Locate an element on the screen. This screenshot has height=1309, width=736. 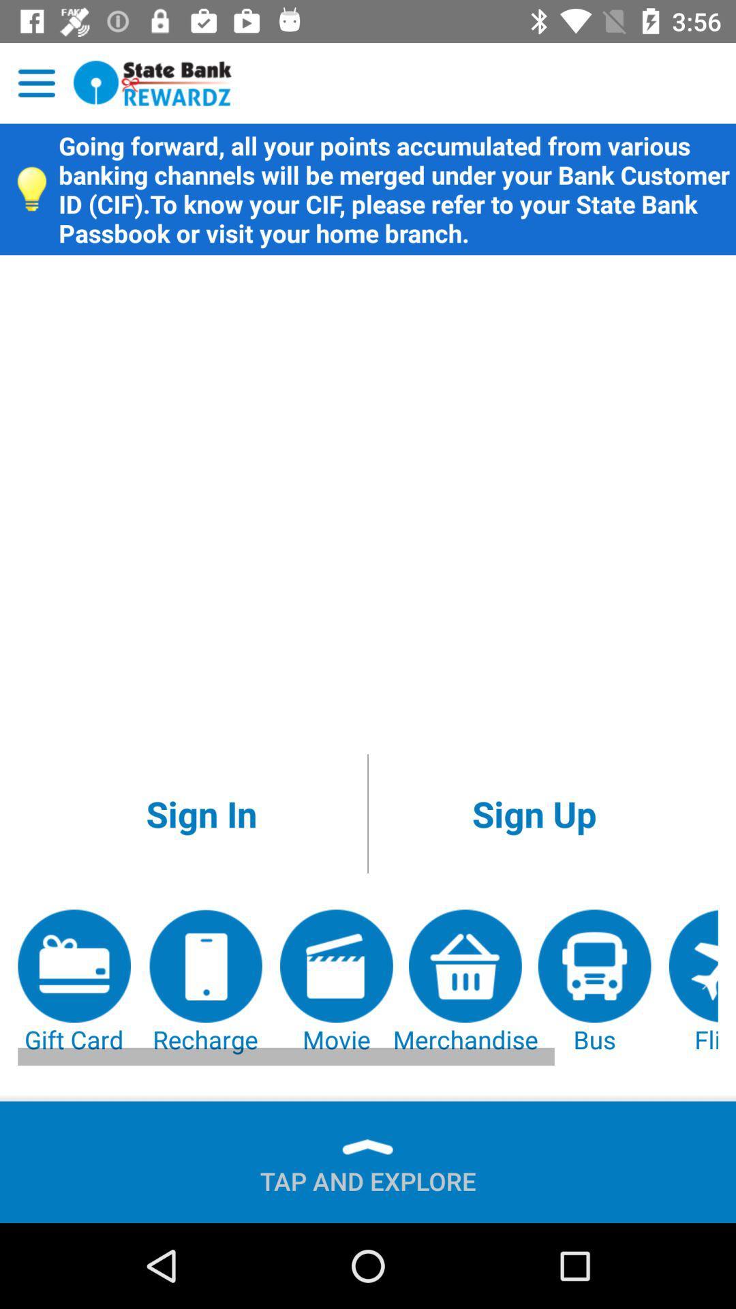
the movie app is located at coordinates (336, 982).